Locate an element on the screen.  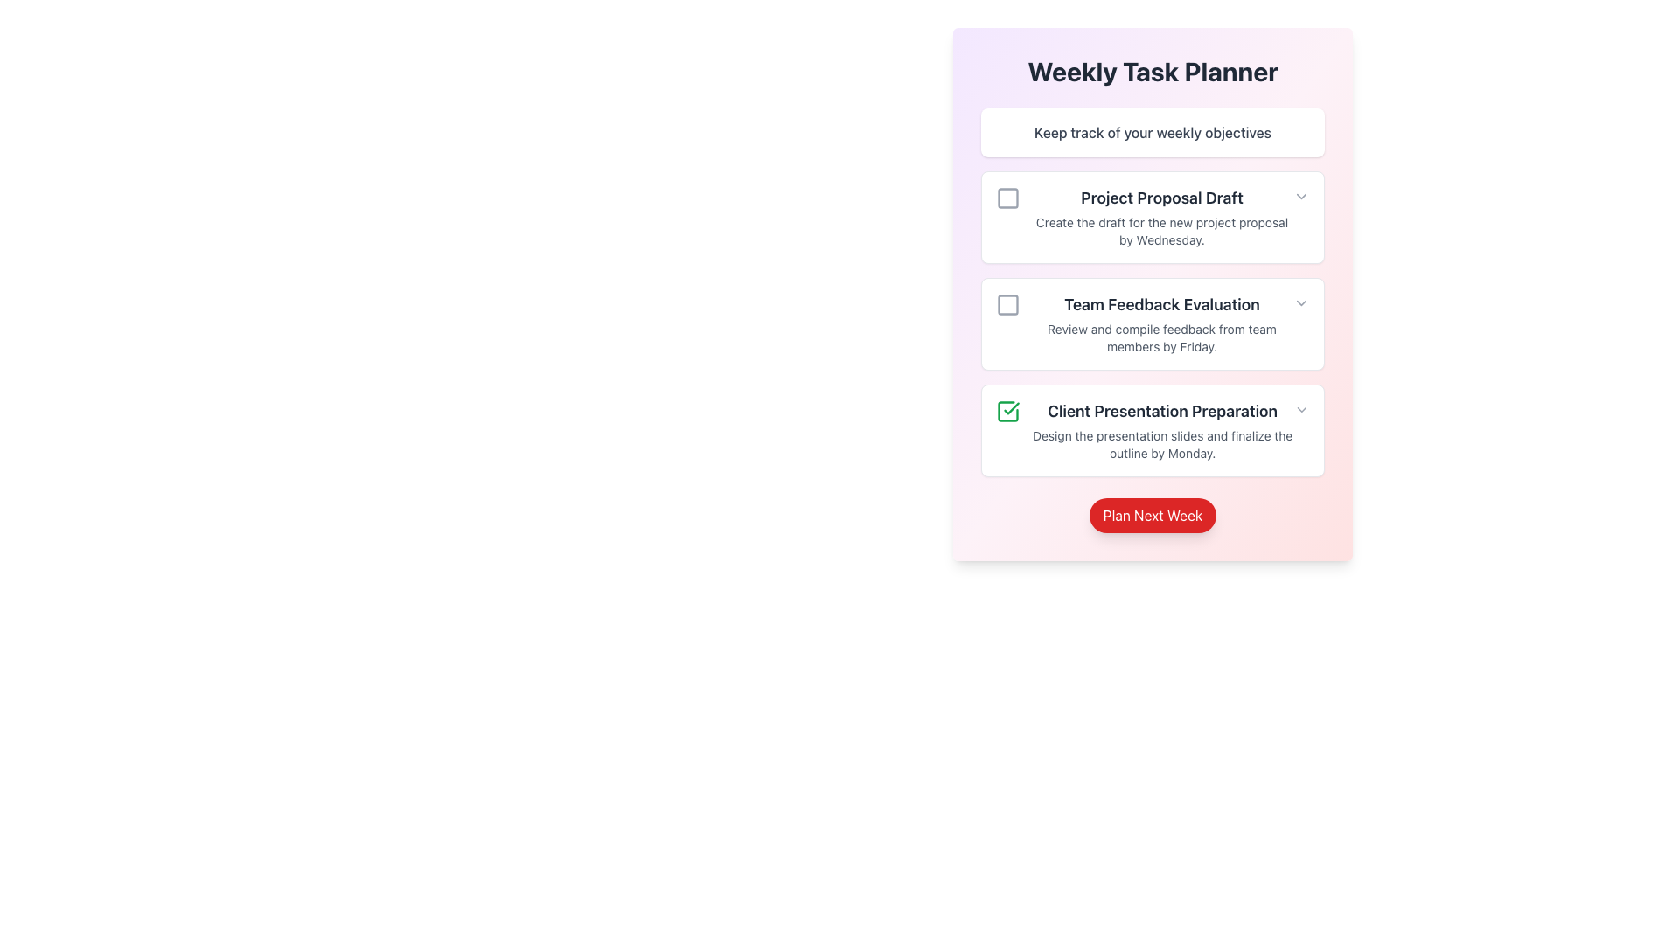
text label that says 'Review and compile feedback from team members by Friday.' which is located under the heading 'Team Feedback Evaluation' in the 'Weekly Task Planner' interface is located at coordinates (1162, 337).